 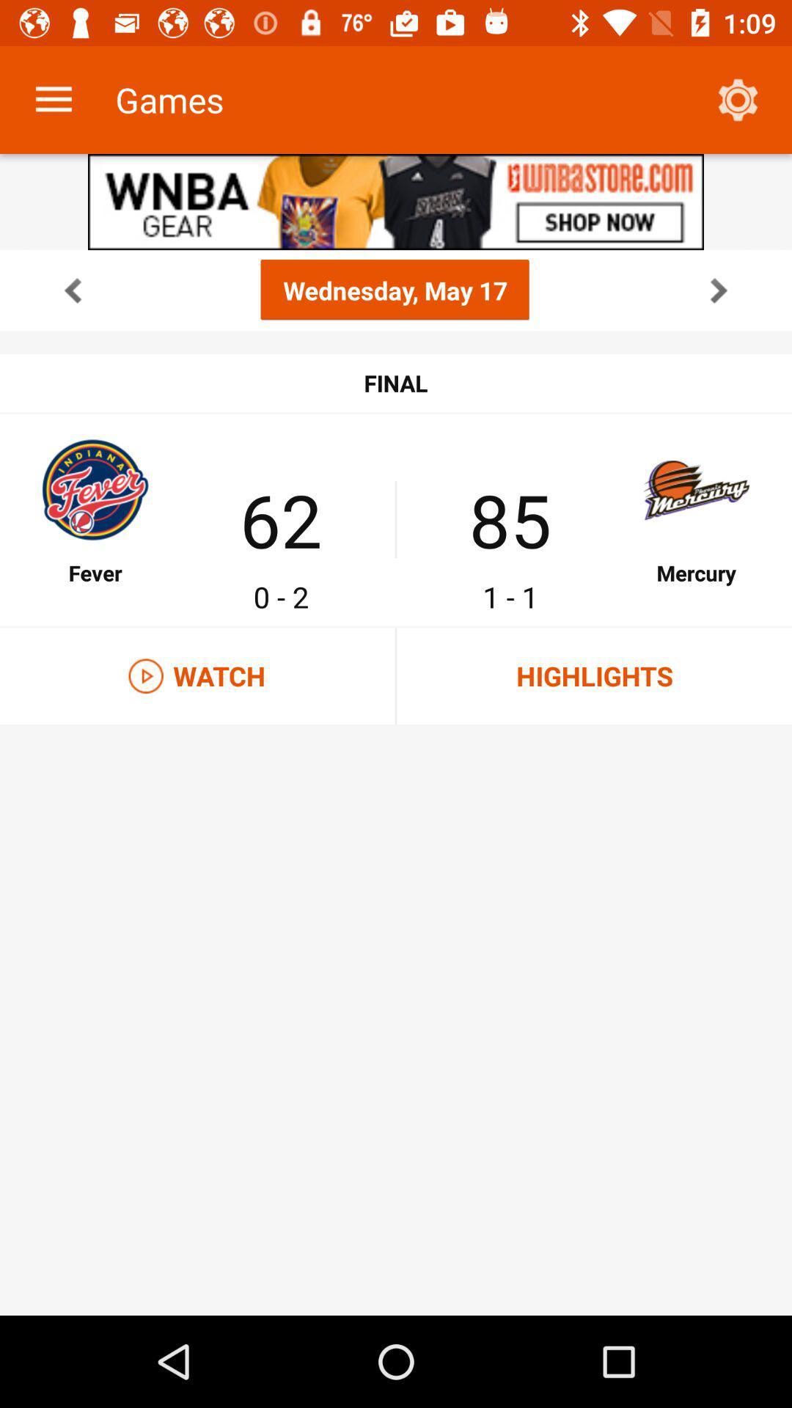 What do you see at coordinates (73, 290) in the screenshot?
I see `the arrow_backward icon` at bounding box center [73, 290].